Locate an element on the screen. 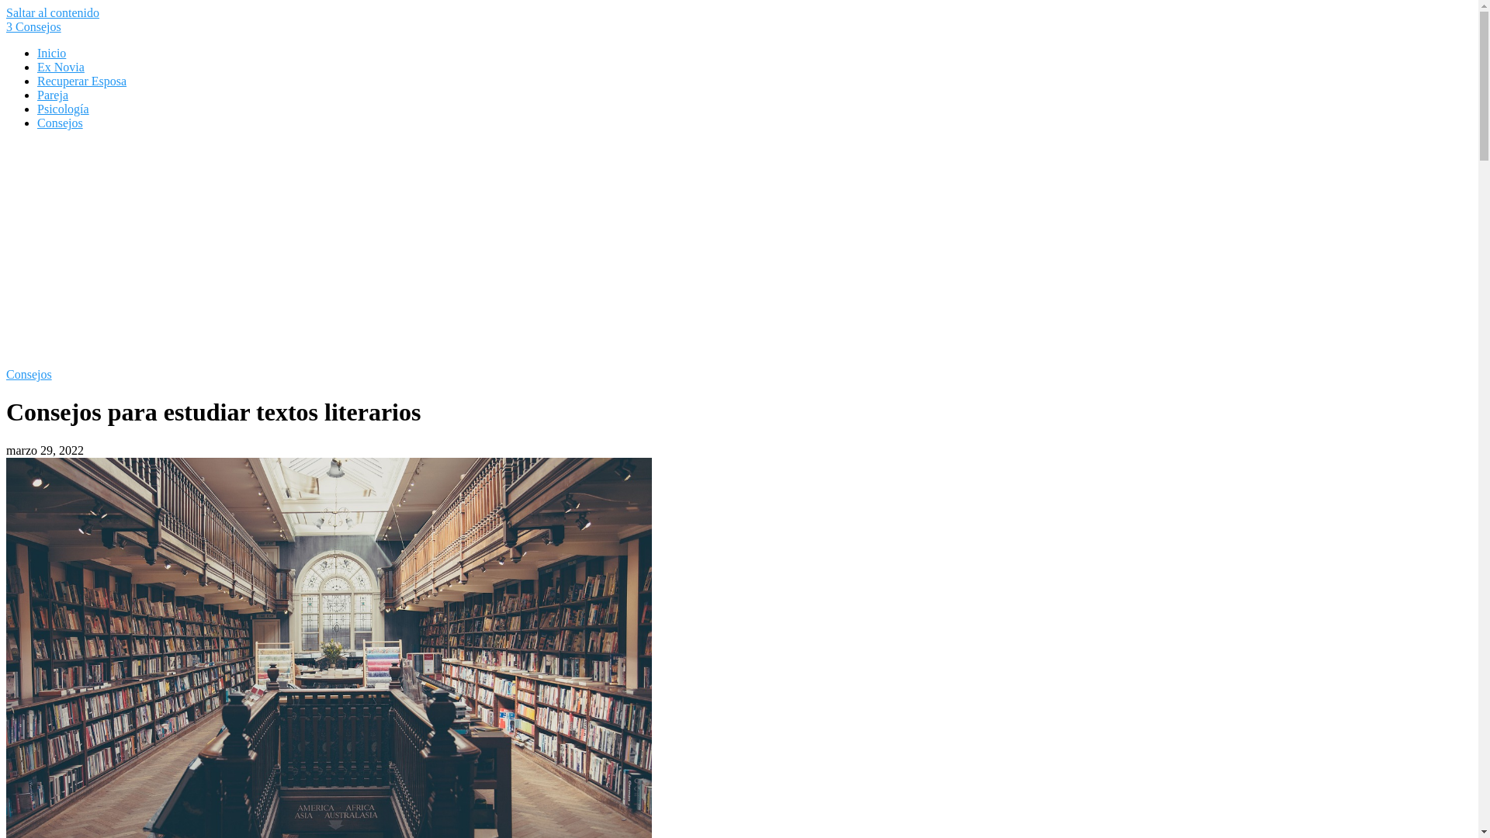 Image resolution: width=1490 pixels, height=838 pixels. 'Consejos' is located at coordinates (29, 374).